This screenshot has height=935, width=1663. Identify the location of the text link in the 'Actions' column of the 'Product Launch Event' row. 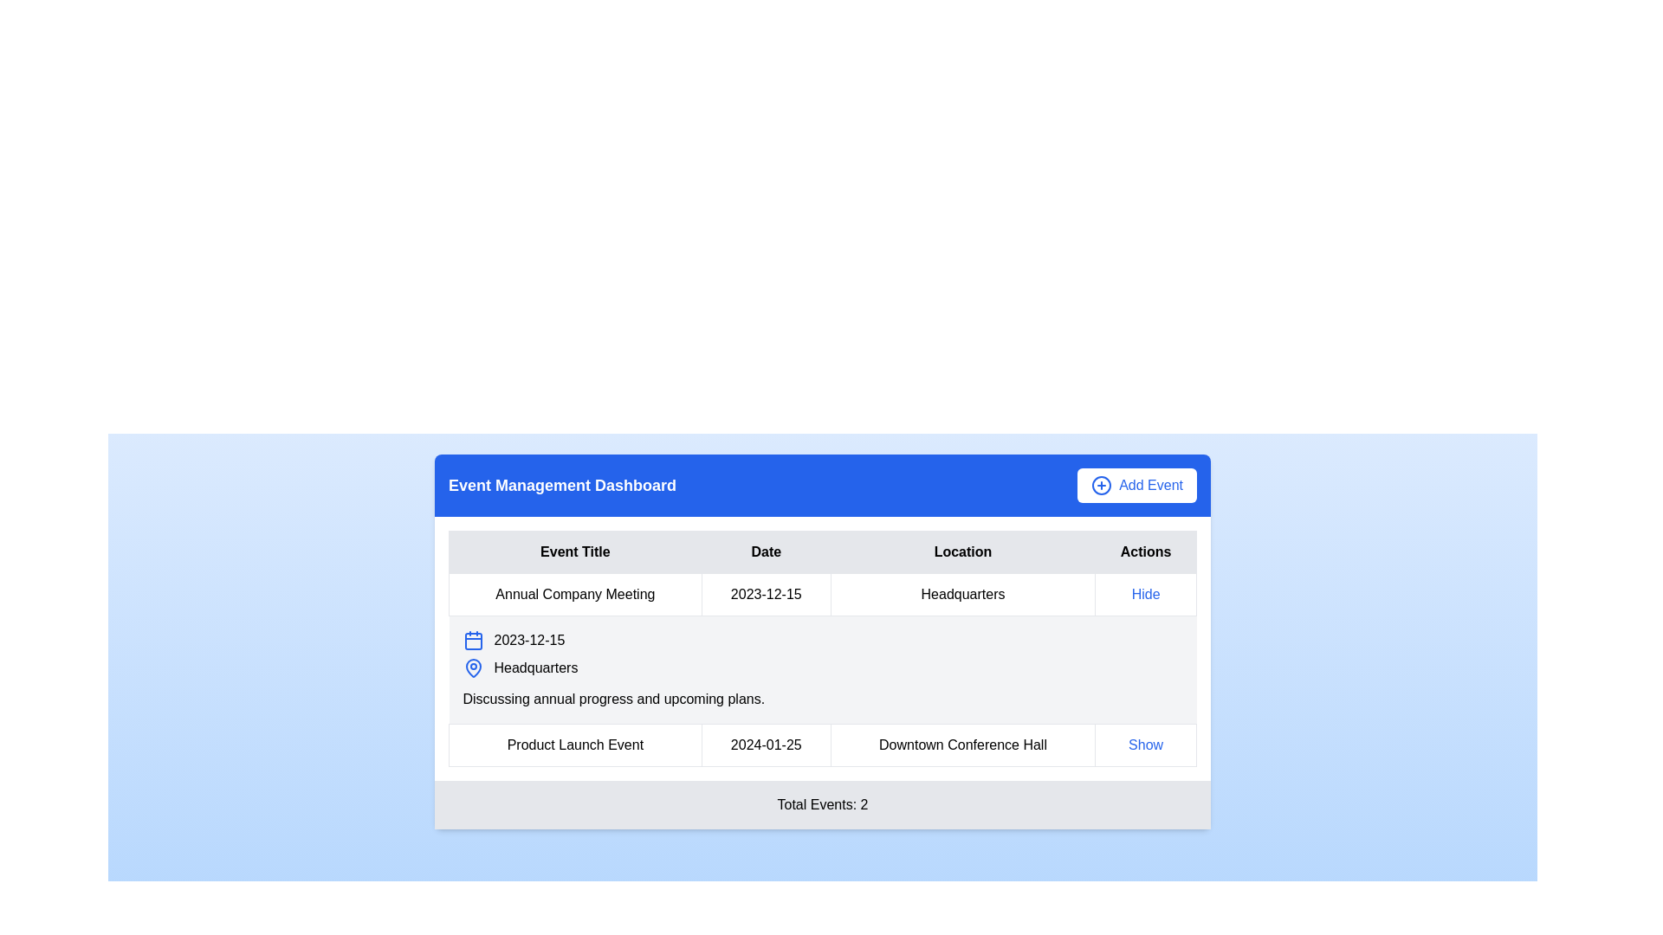
(1146, 744).